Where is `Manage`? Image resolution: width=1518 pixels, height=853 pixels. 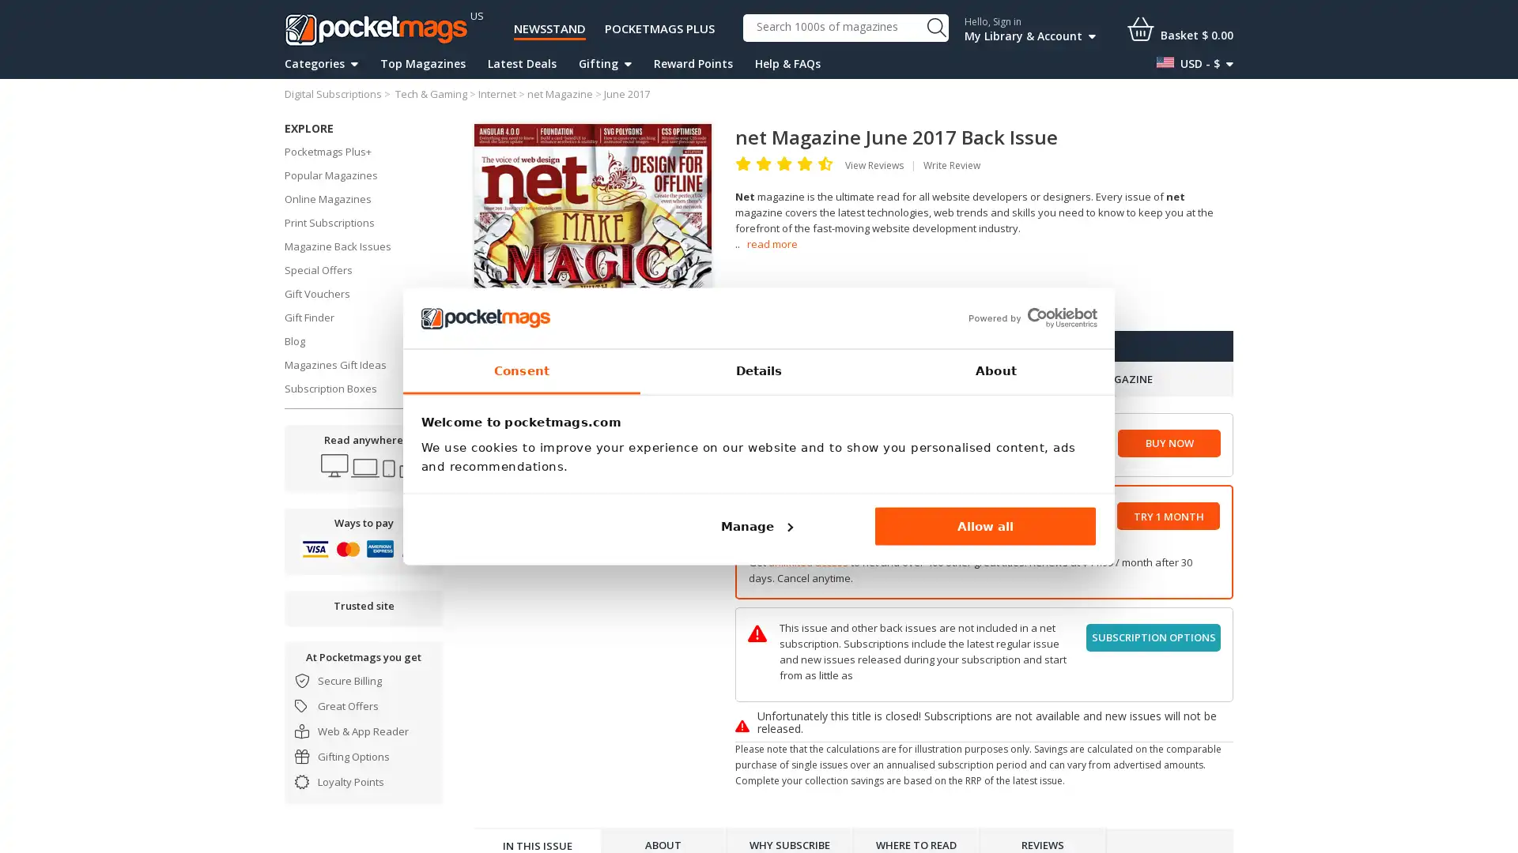
Manage is located at coordinates (754, 526).